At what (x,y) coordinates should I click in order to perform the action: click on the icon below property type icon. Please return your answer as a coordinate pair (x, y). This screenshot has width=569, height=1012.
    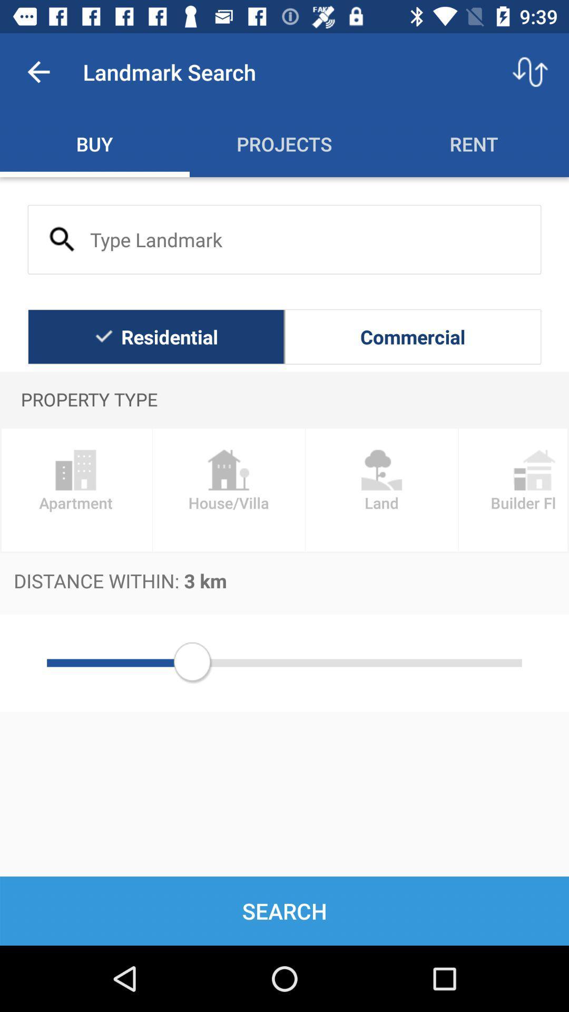
    Looking at the image, I should click on (381, 489).